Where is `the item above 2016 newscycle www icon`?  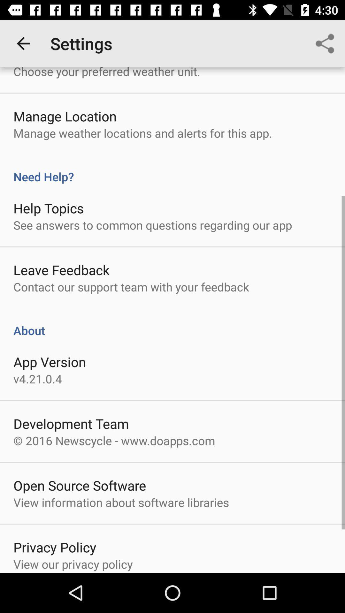 the item above 2016 newscycle www icon is located at coordinates (71, 423).